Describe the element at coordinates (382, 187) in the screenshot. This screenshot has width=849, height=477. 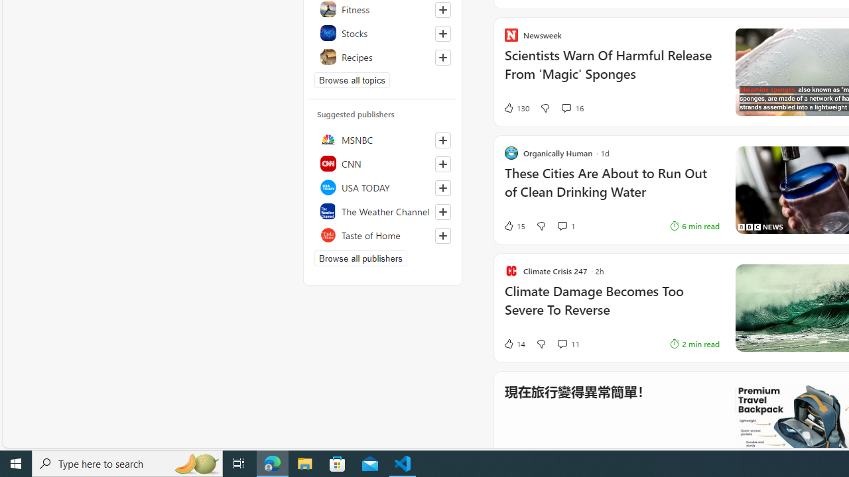
I see `'USA TODAY'` at that location.